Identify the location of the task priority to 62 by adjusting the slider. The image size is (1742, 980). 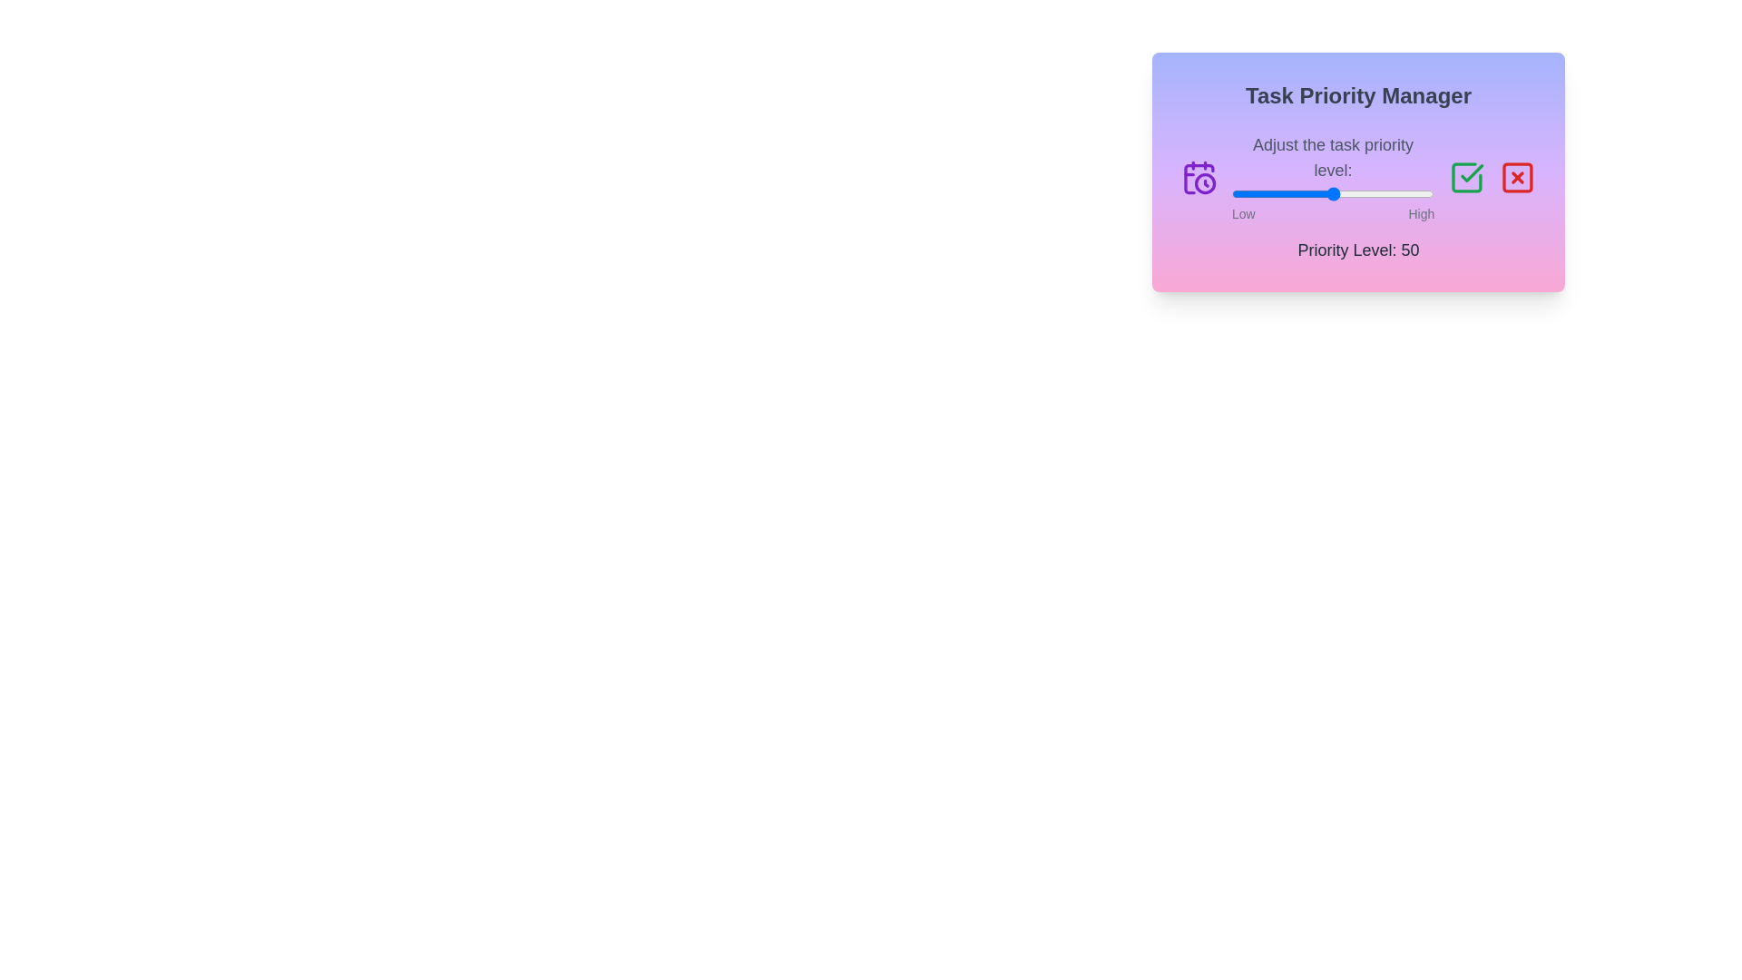
(1357, 193).